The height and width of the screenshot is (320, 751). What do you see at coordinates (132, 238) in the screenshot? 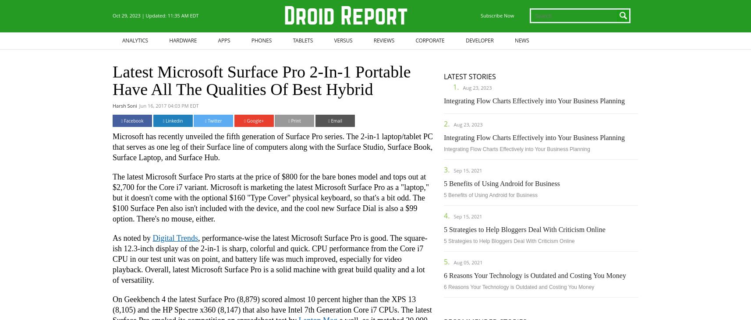
I see `'As noted by'` at bounding box center [132, 238].